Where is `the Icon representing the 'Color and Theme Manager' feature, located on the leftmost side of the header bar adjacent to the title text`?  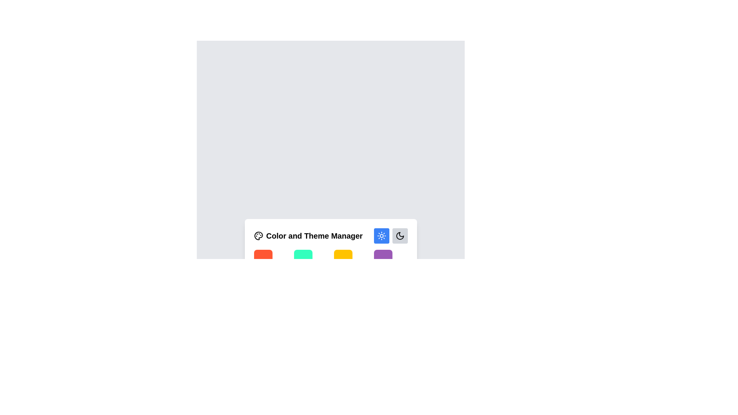 the Icon representing the 'Color and Theme Manager' feature, located on the leftmost side of the header bar adjacent to the title text is located at coordinates (258, 235).